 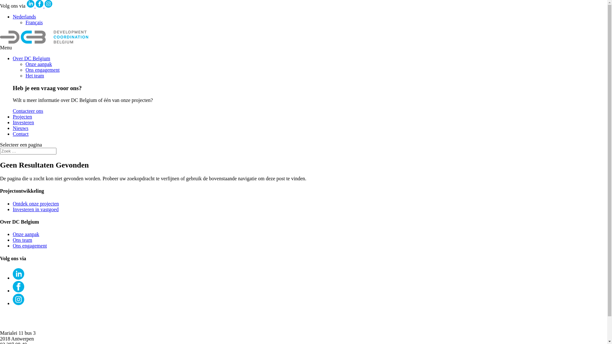 What do you see at coordinates (44, 6) in the screenshot?
I see `'DC Belgium Instagram'` at bounding box center [44, 6].